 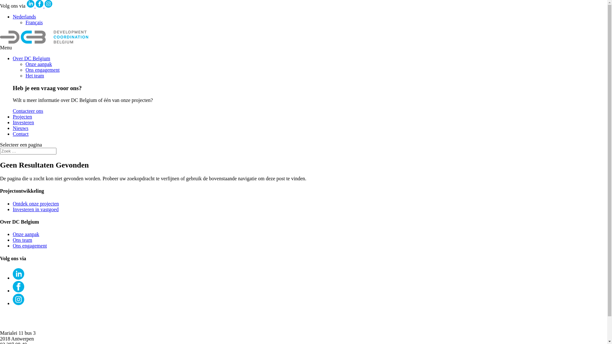 What do you see at coordinates (44, 6) in the screenshot?
I see `'DC Belgium Instagram'` at bounding box center [44, 6].